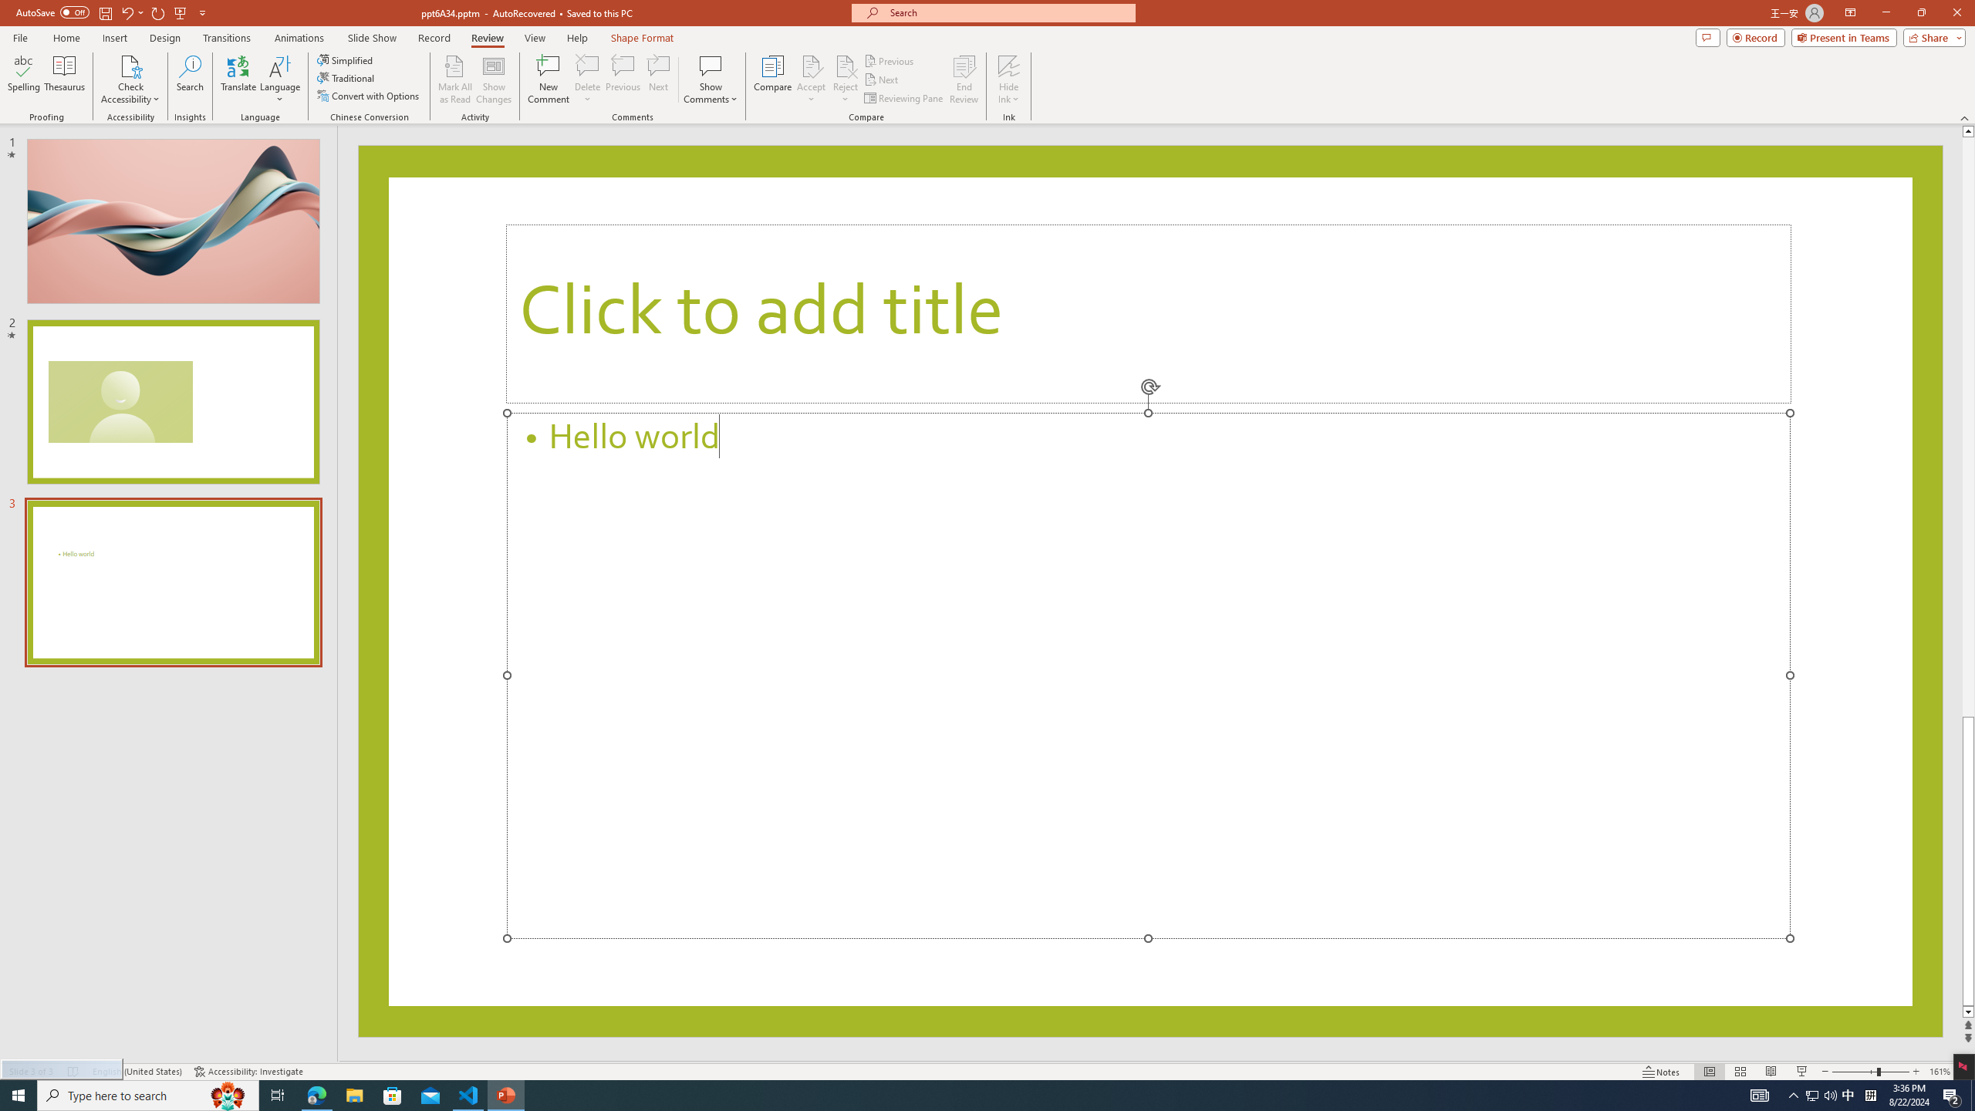 The width and height of the screenshot is (1975, 1111). What do you see at coordinates (1844, 36) in the screenshot?
I see `'Present in Teams'` at bounding box center [1844, 36].